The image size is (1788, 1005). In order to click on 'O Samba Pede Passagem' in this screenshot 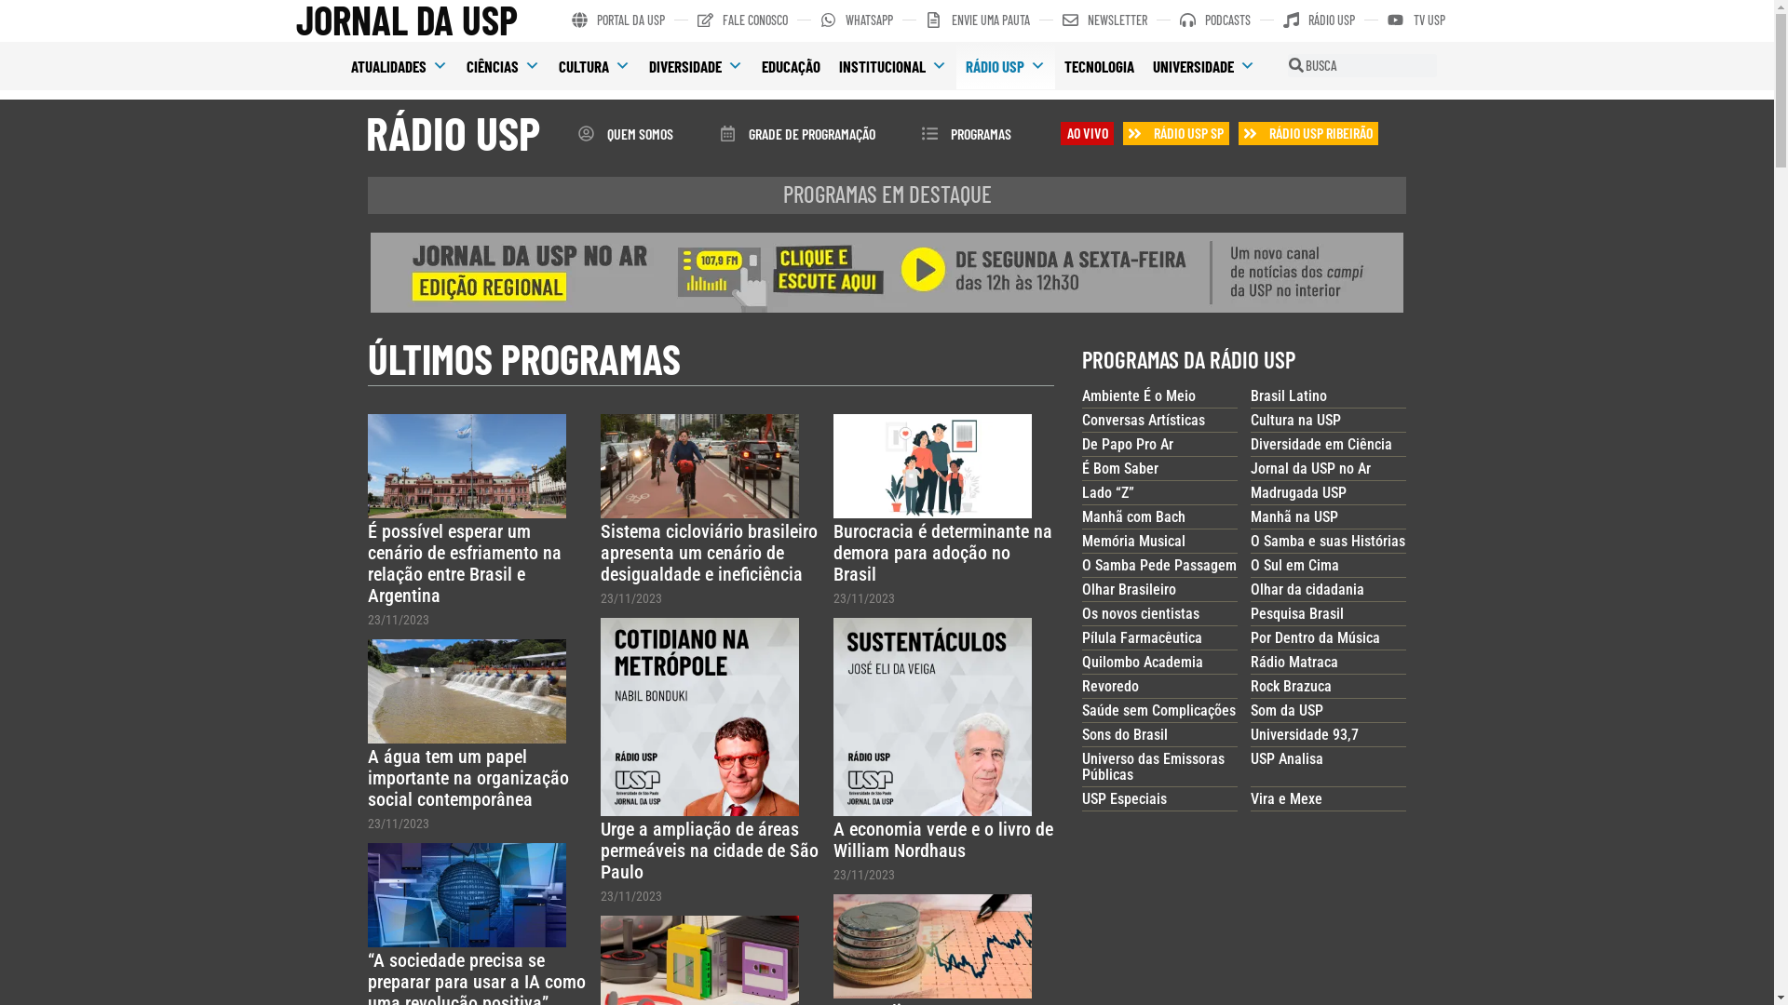, I will do `click(1158, 564)`.